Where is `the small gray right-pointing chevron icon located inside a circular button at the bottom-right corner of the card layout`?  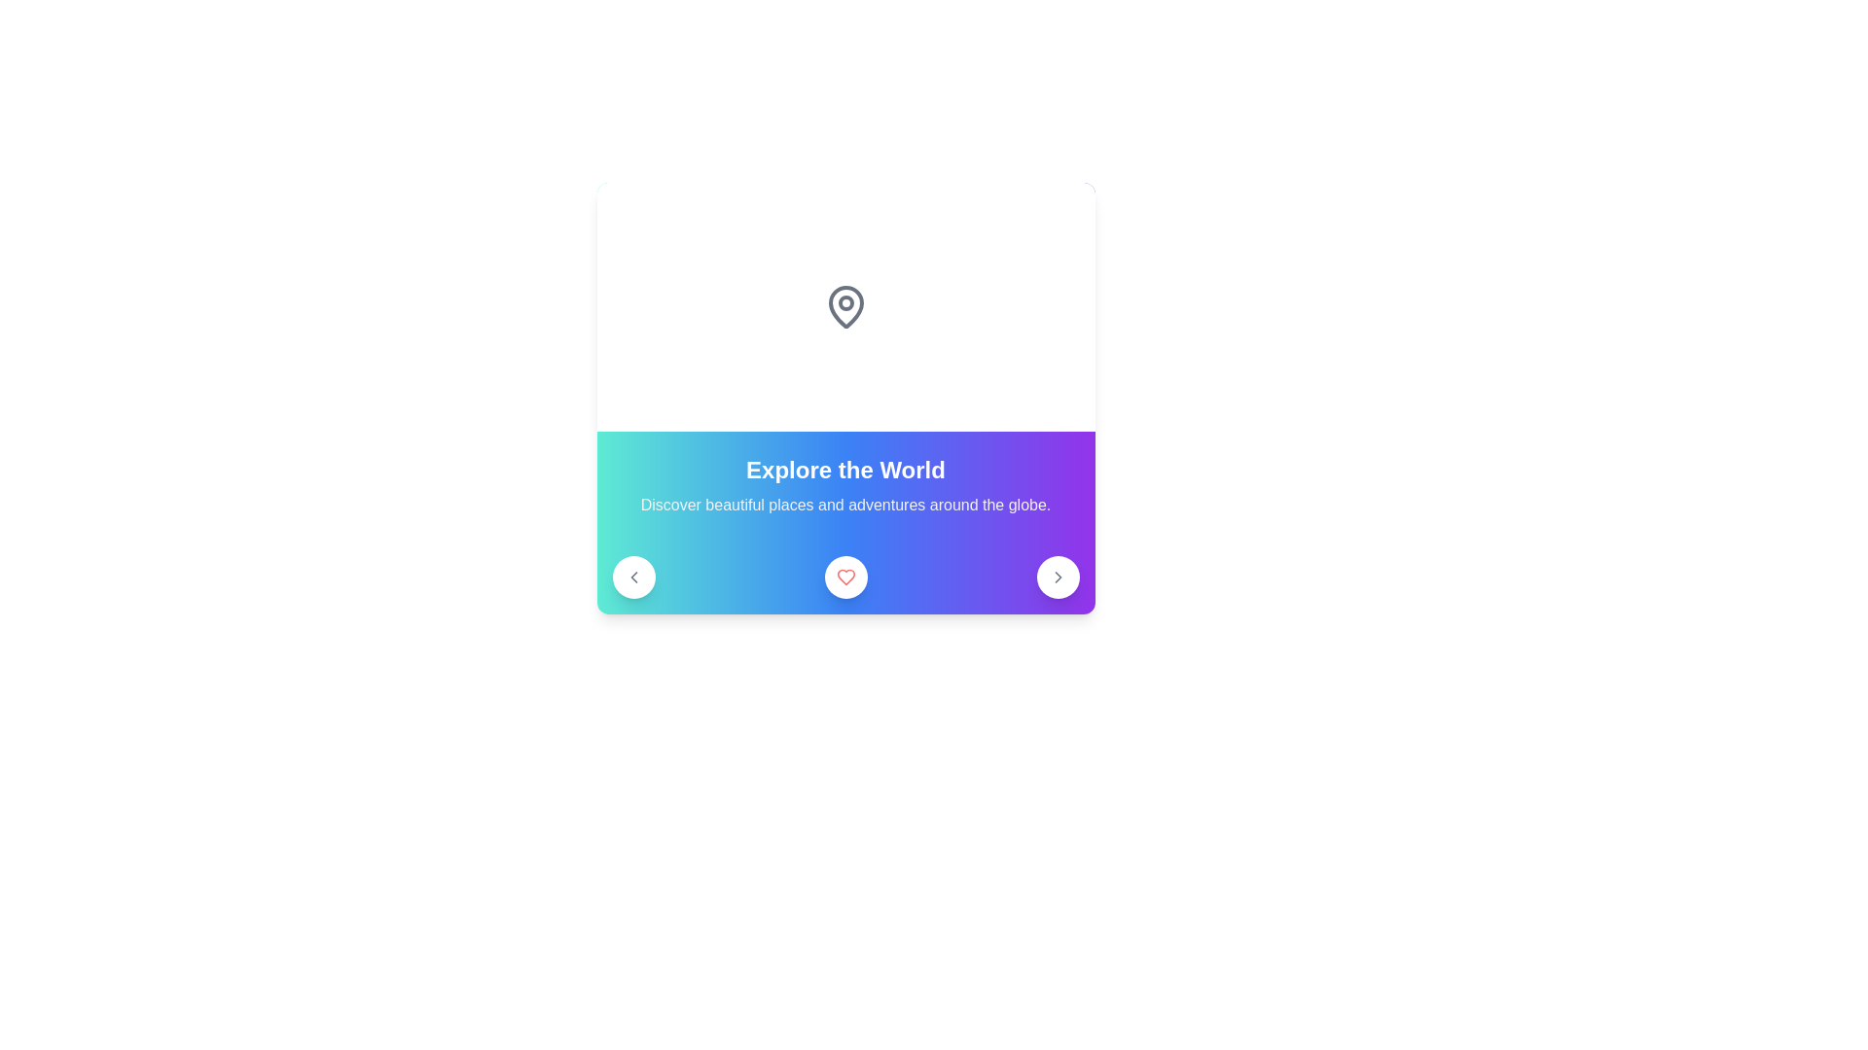
the small gray right-pointing chevron icon located inside a circular button at the bottom-right corner of the card layout is located at coordinates (1057, 577).